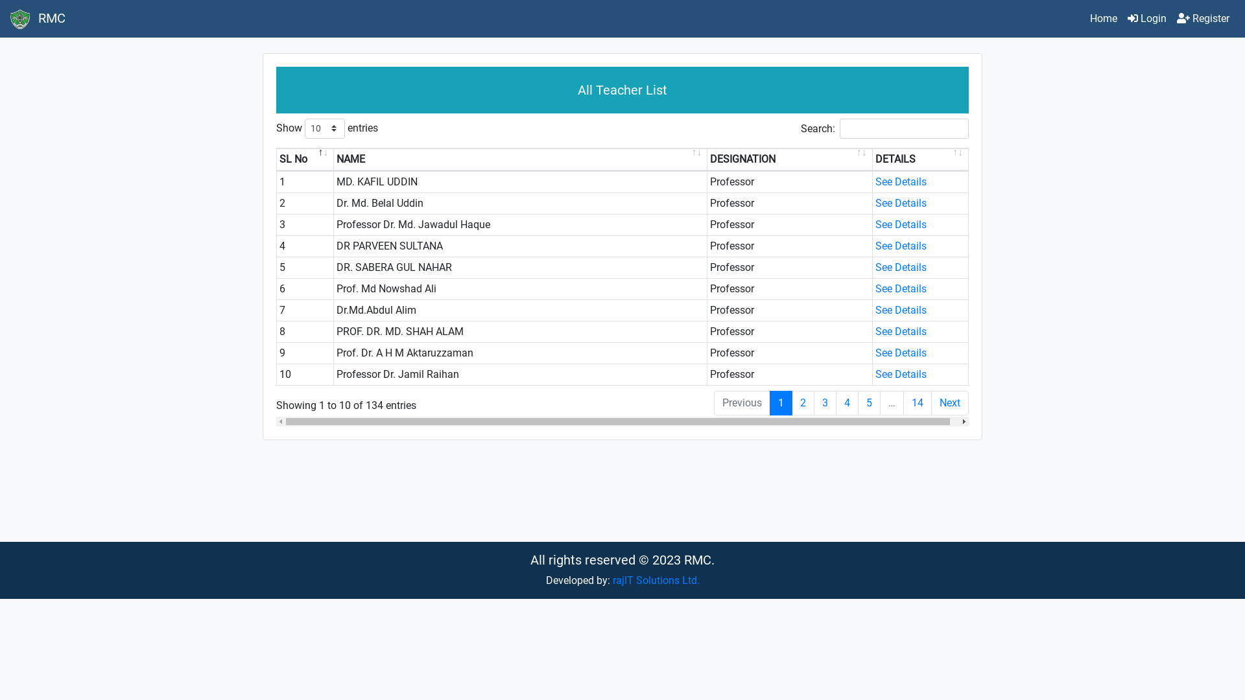 The image size is (1245, 700). I want to click on '4', so click(847, 402).